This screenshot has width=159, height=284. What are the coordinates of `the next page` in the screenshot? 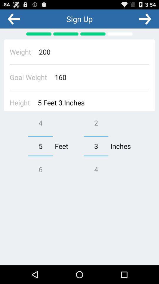 It's located at (145, 19).